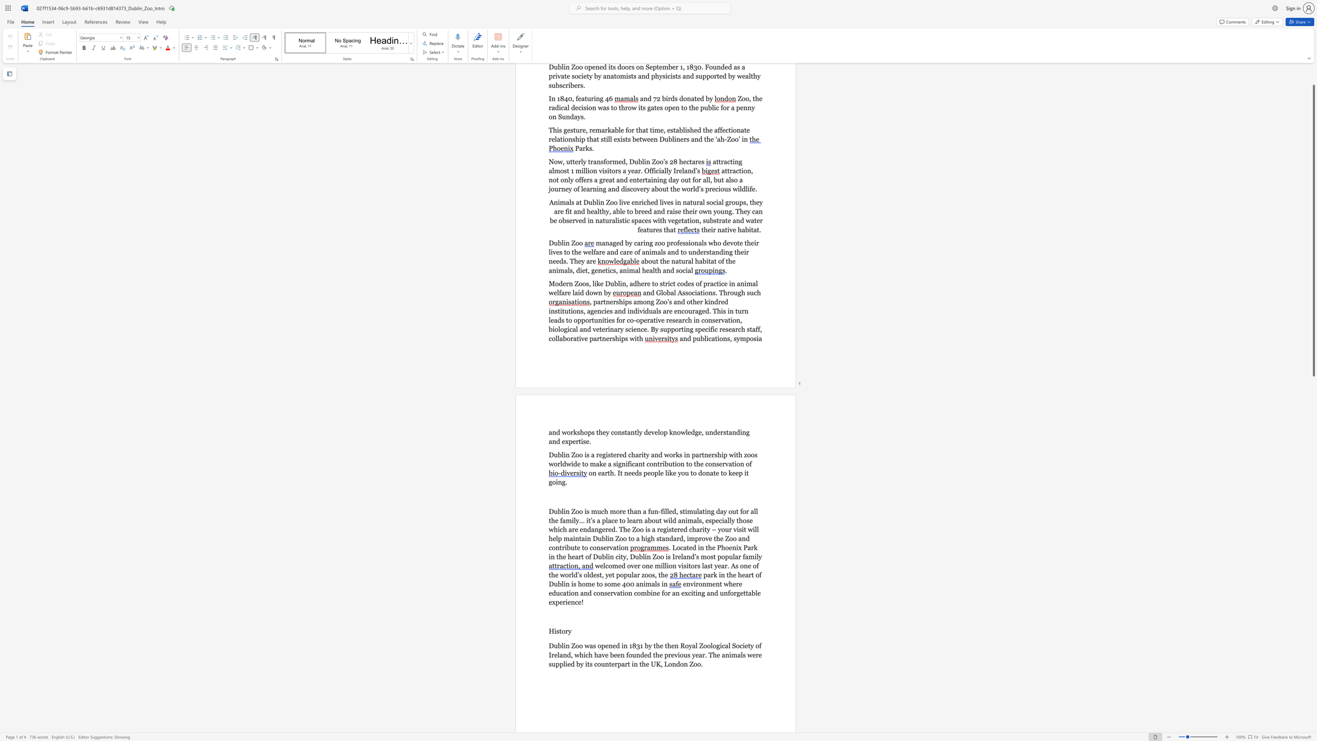 The image size is (1317, 741). I want to click on the subset text "ion" within the text "and publications,", so click(717, 338).